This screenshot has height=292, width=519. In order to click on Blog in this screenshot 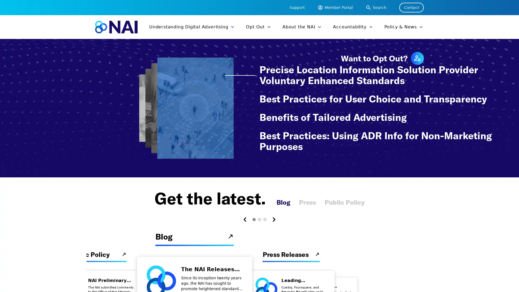, I will do `click(283, 202)`.